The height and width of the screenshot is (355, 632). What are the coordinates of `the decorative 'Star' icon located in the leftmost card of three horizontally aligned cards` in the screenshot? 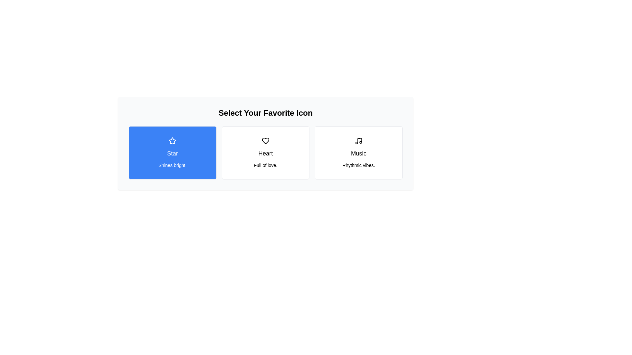 It's located at (172, 140).